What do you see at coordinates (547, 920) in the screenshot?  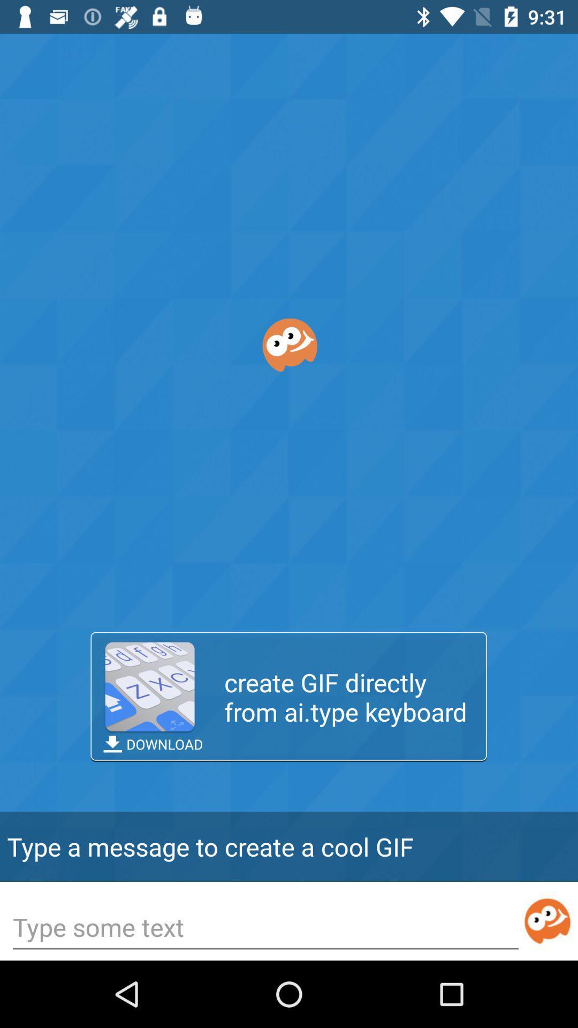 I see `enter` at bounding box center [547, 920].